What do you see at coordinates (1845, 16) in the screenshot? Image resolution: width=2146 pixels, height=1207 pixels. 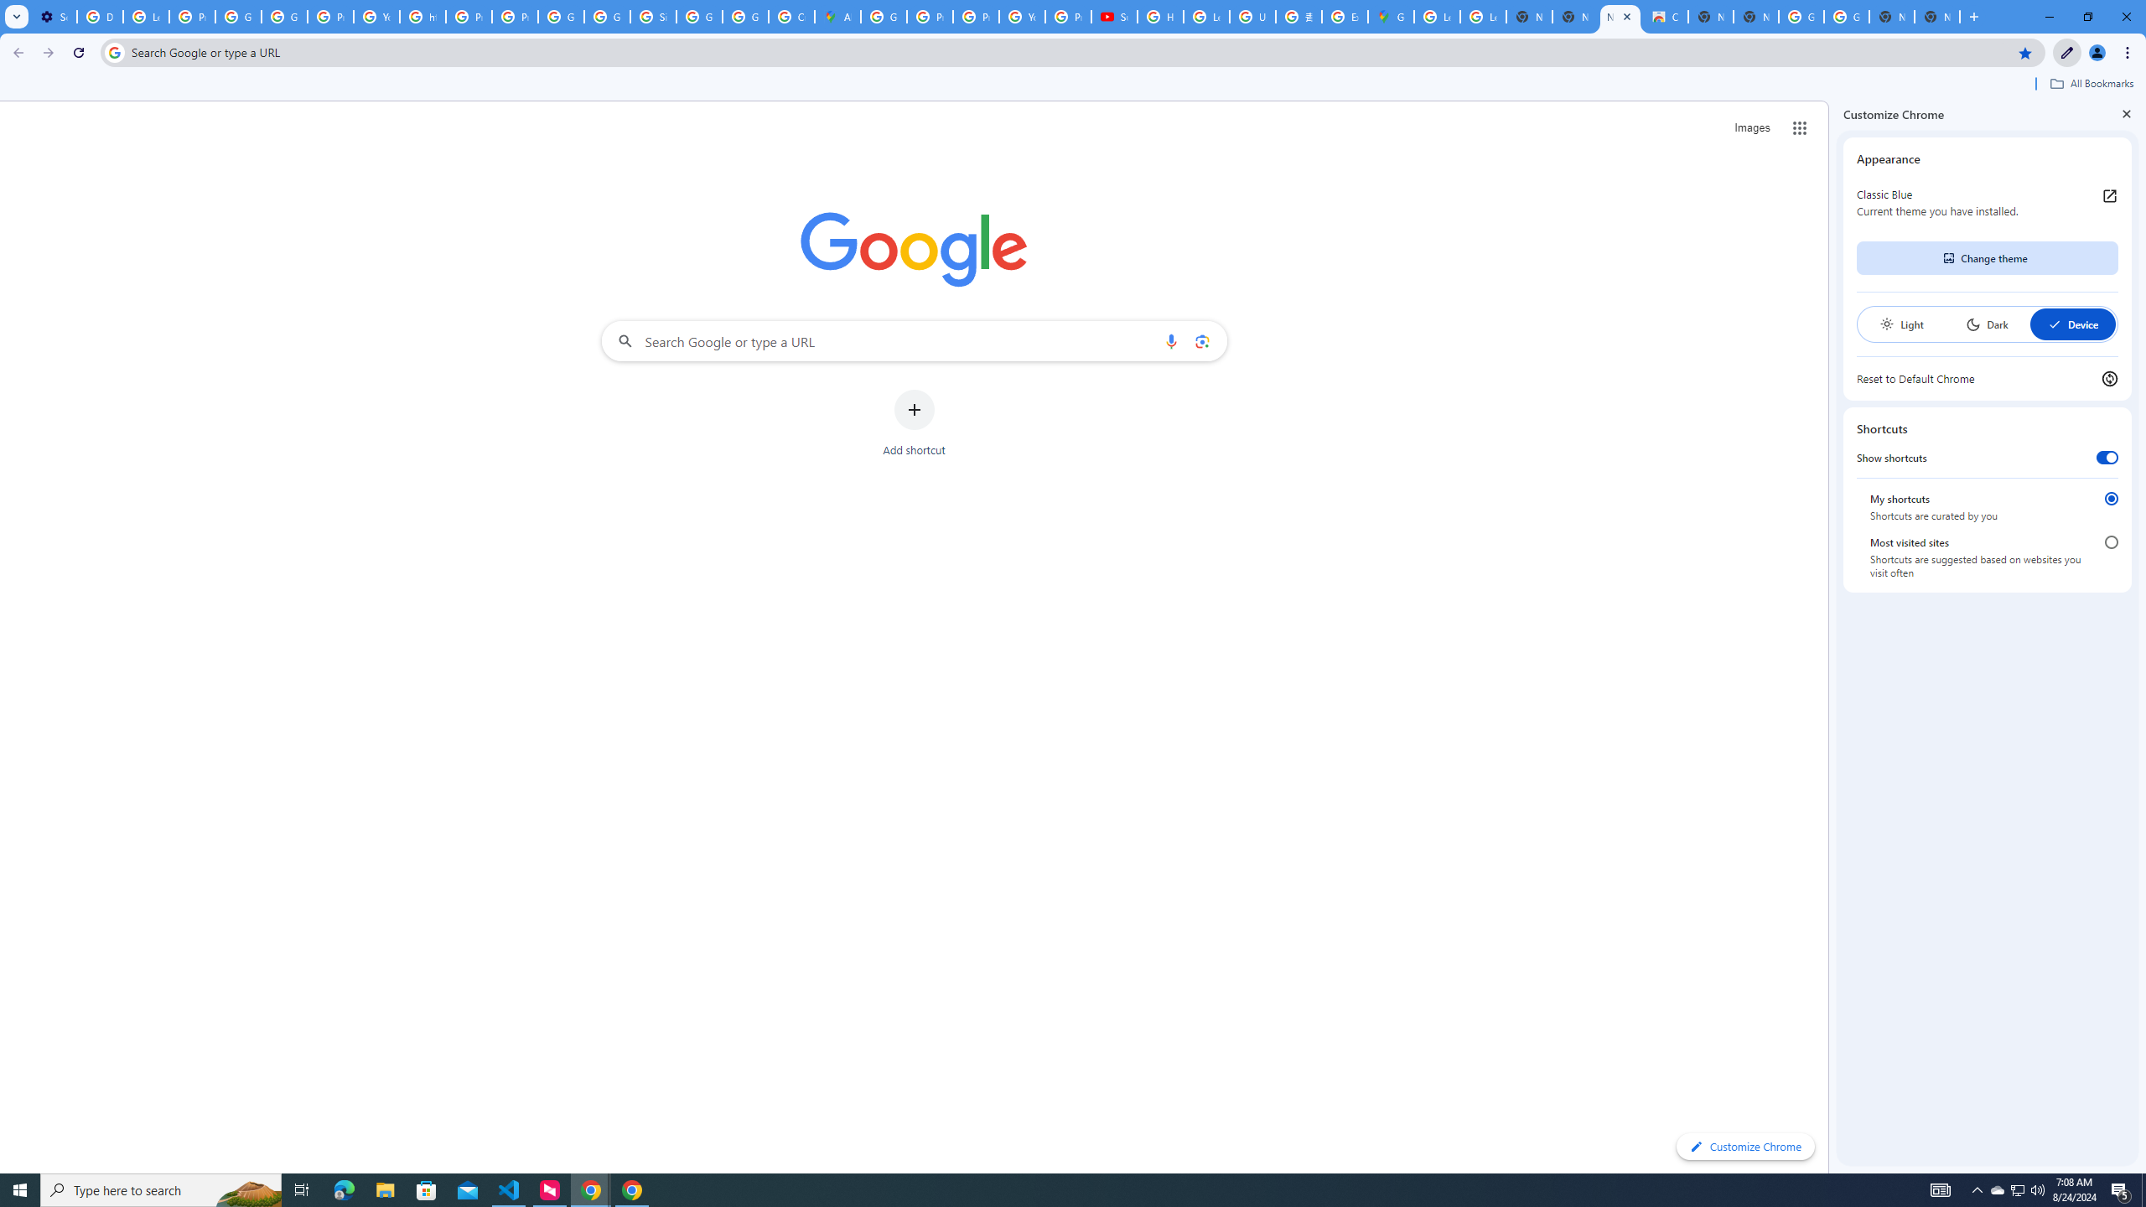 I see `'Google Images'` at bounding box center [1845, 16].